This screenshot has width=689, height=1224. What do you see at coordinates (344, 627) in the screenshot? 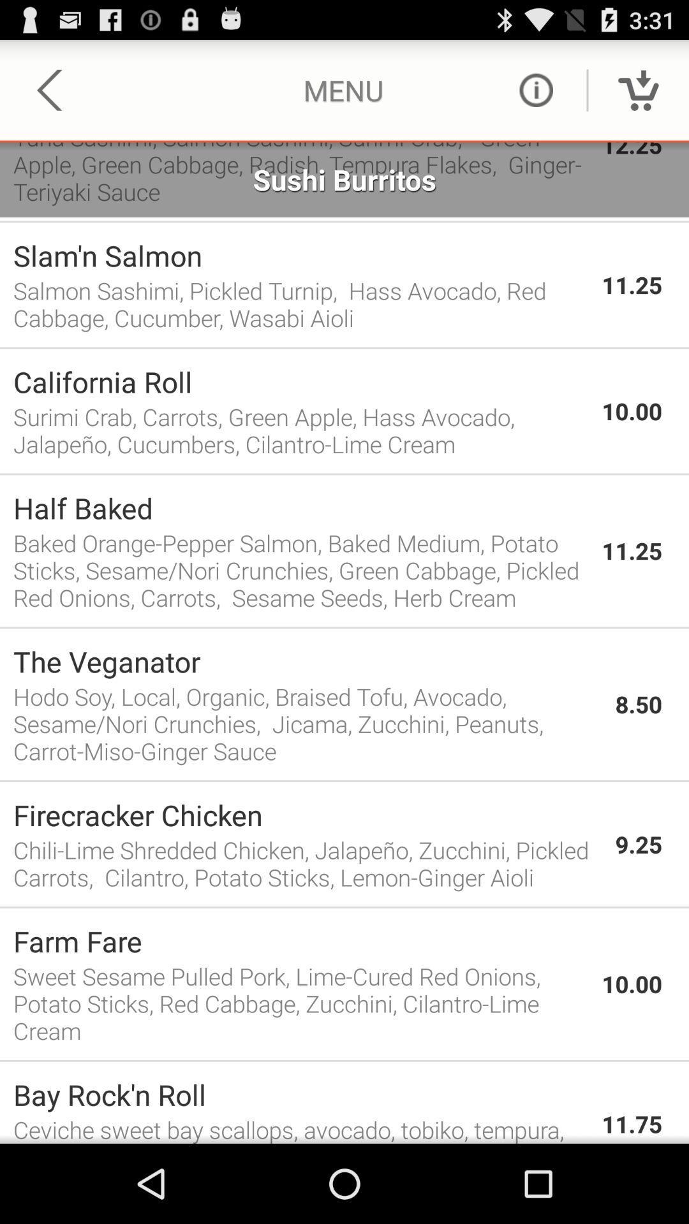
I see `app above the the veganator item` at bounding box center [344, 627].